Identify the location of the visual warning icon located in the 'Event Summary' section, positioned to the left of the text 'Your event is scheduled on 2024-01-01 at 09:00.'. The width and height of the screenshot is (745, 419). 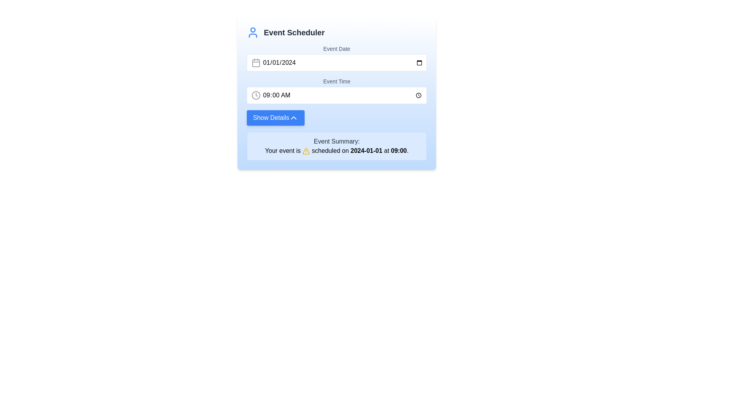
(306, 151).